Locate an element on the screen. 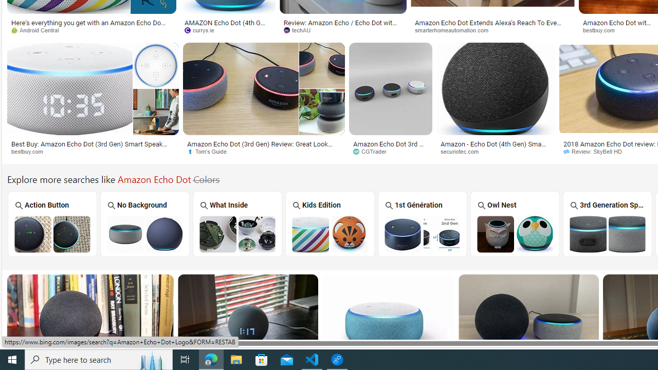  'CGTrader' is located at coordinates (373, 151).